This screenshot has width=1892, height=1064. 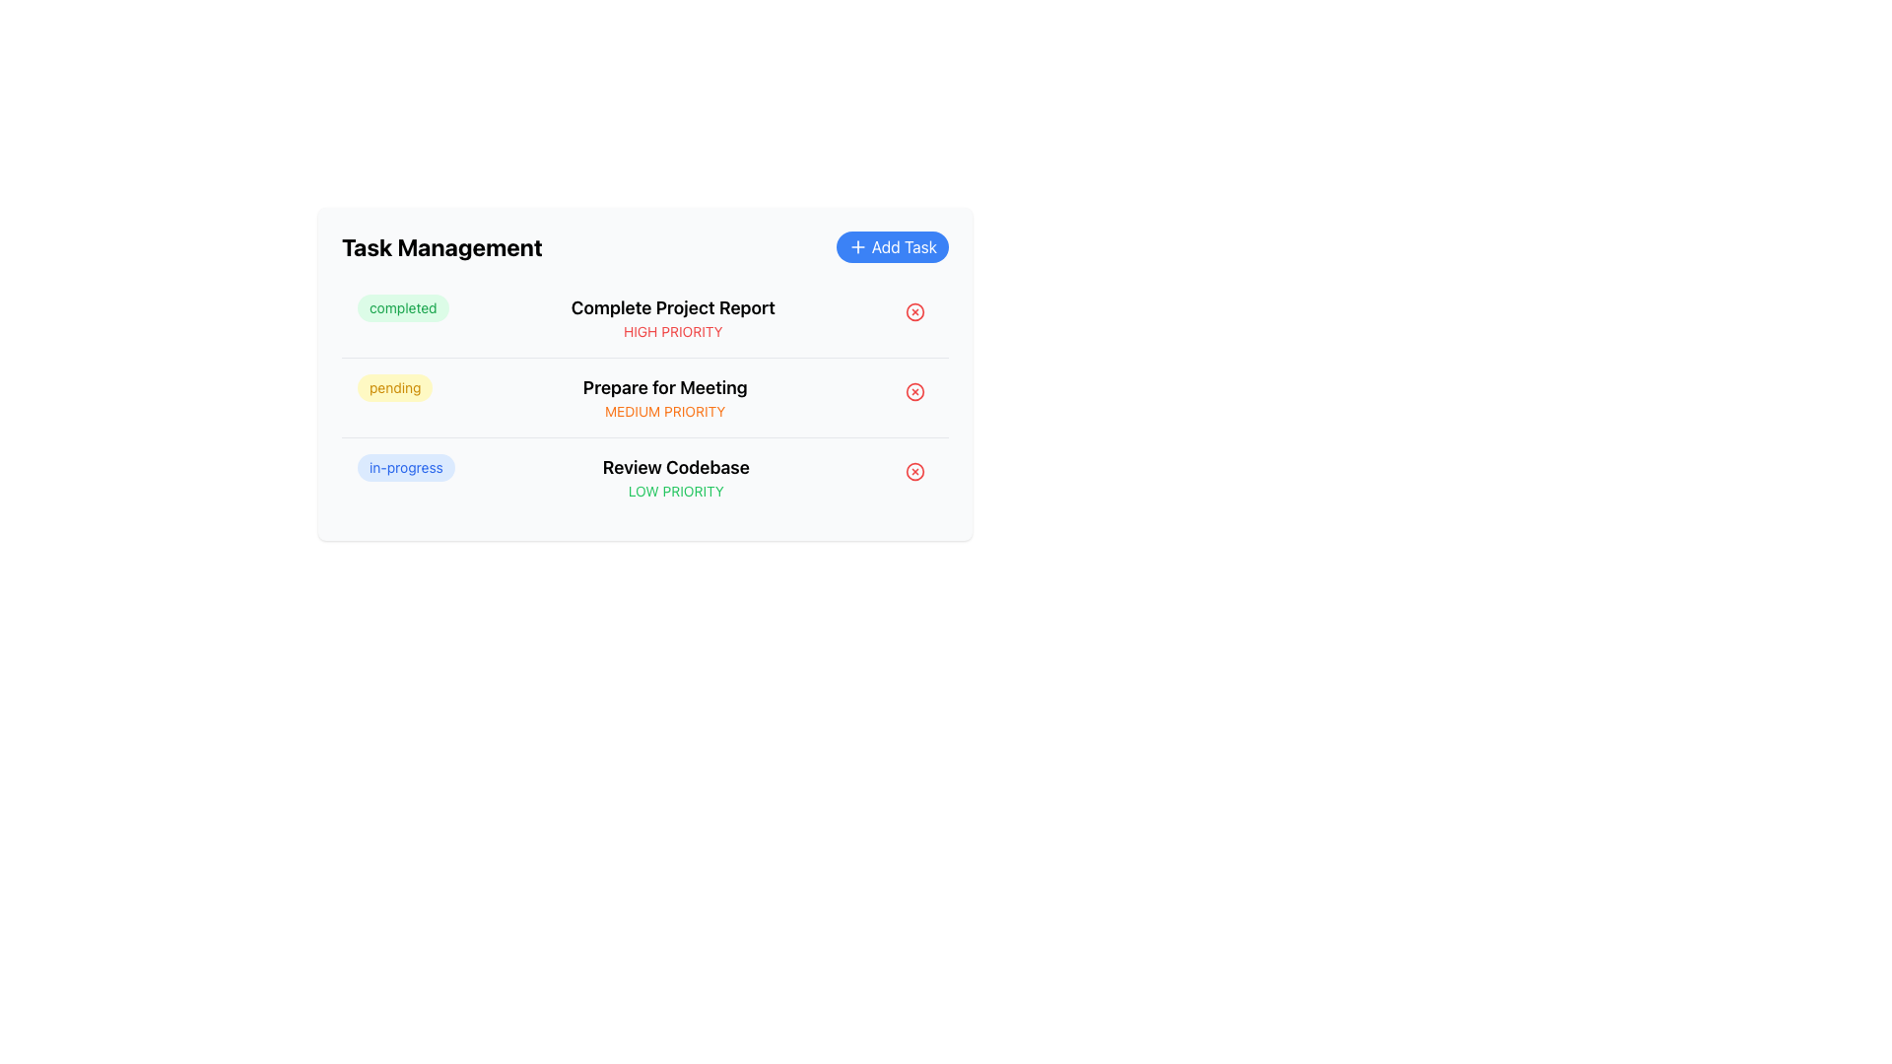 I want to click on the delete button located in the second row of the task list, adjacent to the 'Prepare for Meeting' task and the 'MEDIUM PRIORITY' label, so click(x=914, y=391).